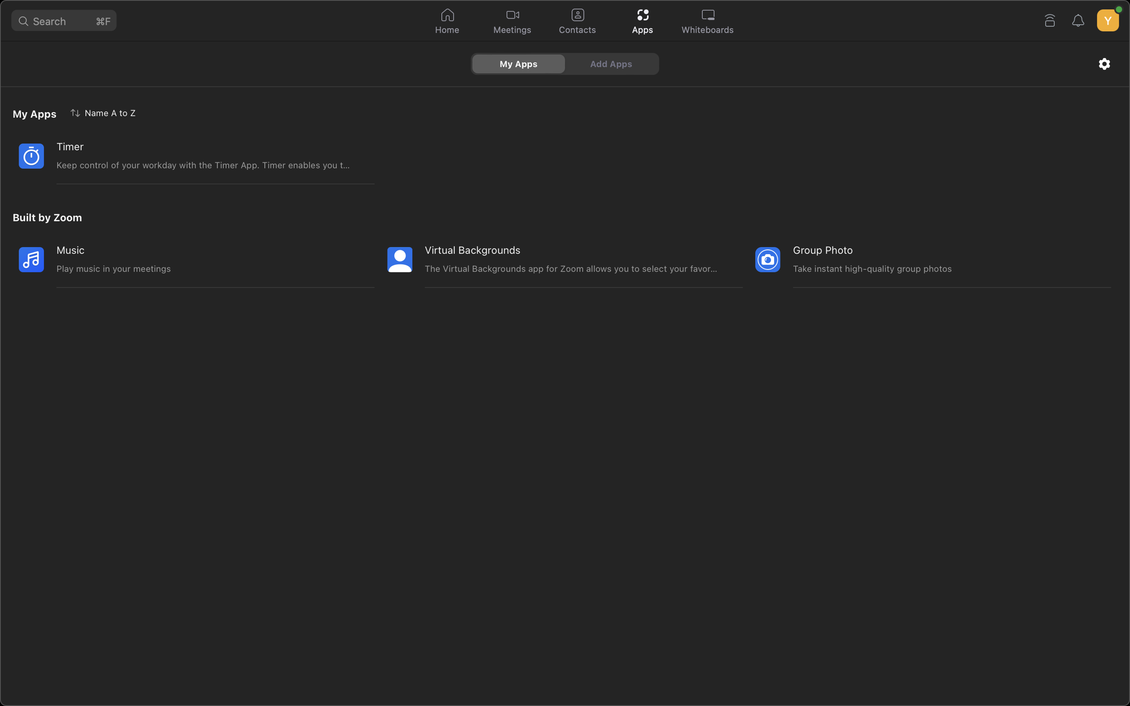 This screenshot has width=1130, height=706. What do you see at coordinates (577, 21) in the screenshot?
I see `Search for "Indiana Jones" in the contacts app` at bounding box center [577, 21].